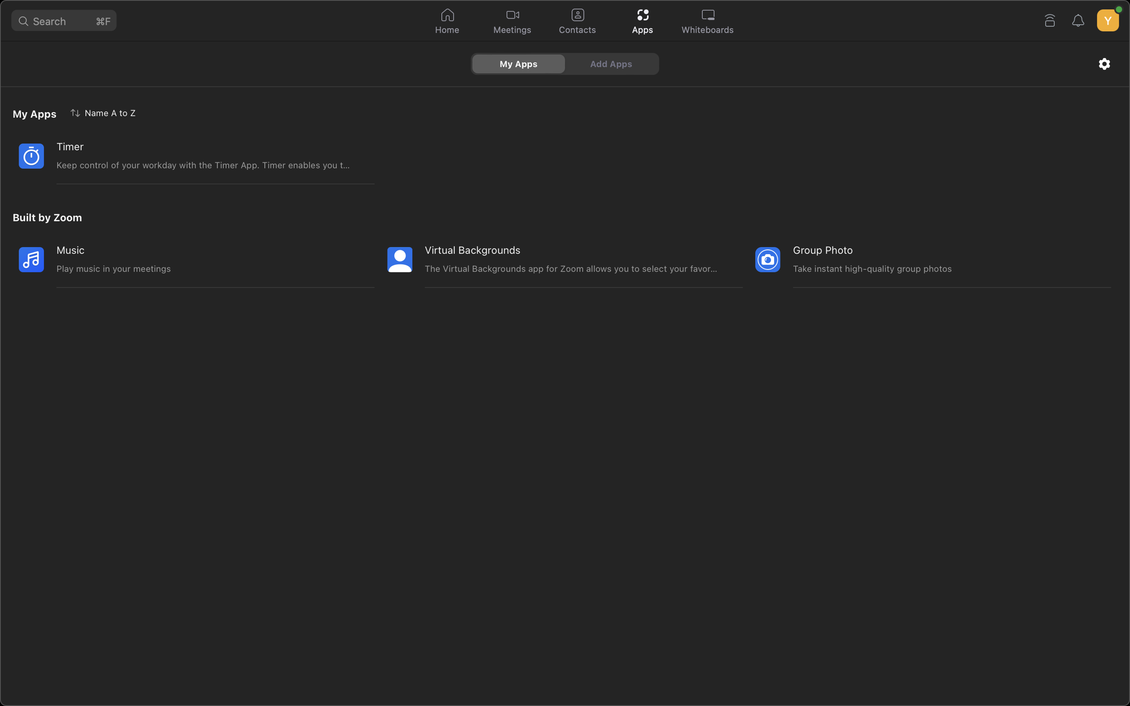 This screenshot has width=1130, height=706. What do you see at coordinates (577, 21) in the screenshot?
I see `Search for "Indiana Jones" in the contacts app` at bounding box center [577, 21].